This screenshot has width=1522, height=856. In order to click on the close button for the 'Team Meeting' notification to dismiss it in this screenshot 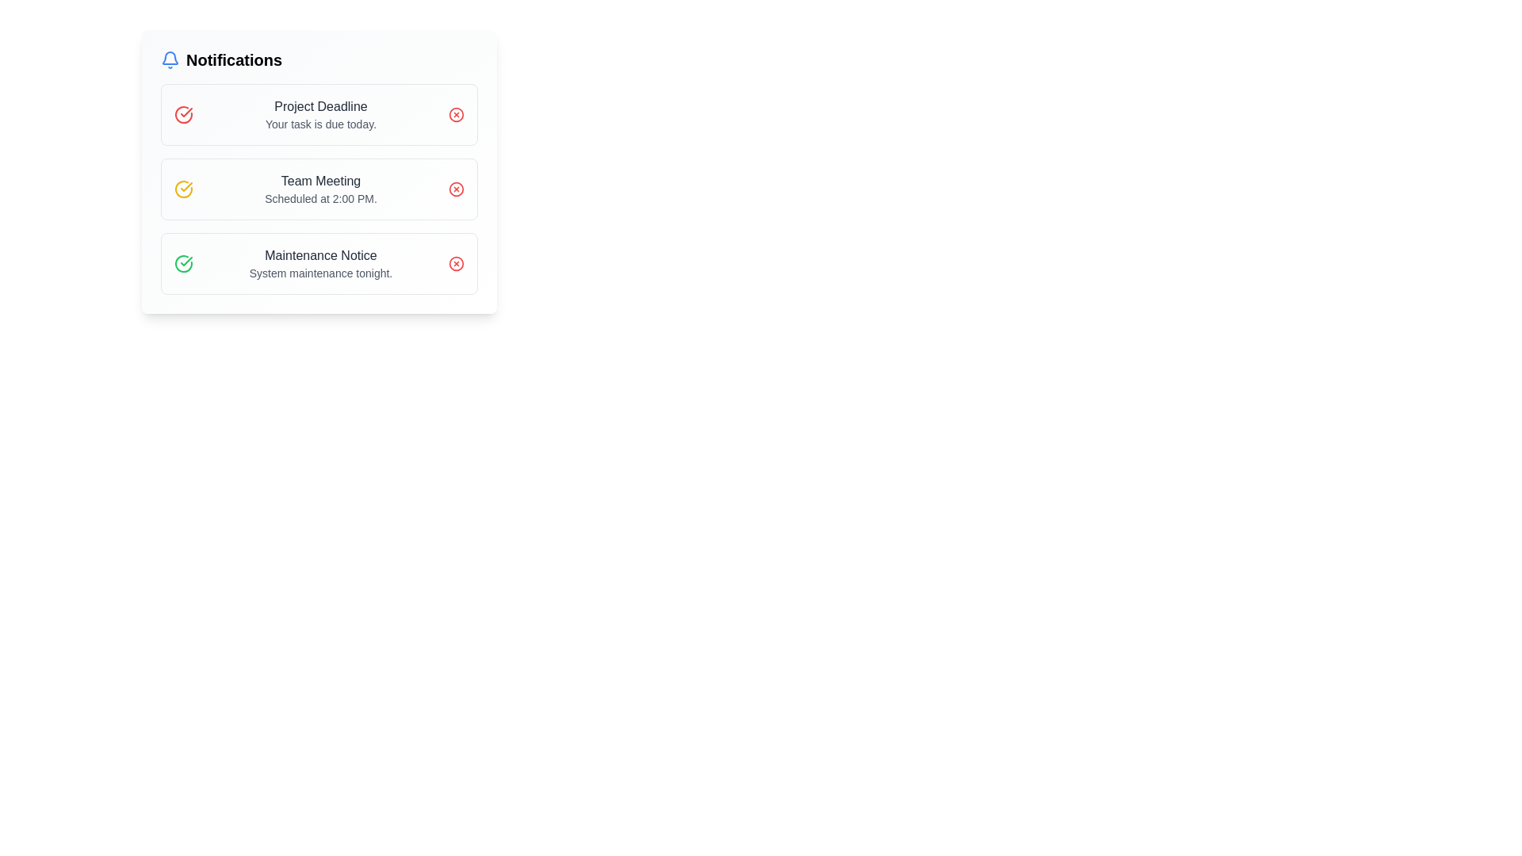, I will do `click(456, 189)`.